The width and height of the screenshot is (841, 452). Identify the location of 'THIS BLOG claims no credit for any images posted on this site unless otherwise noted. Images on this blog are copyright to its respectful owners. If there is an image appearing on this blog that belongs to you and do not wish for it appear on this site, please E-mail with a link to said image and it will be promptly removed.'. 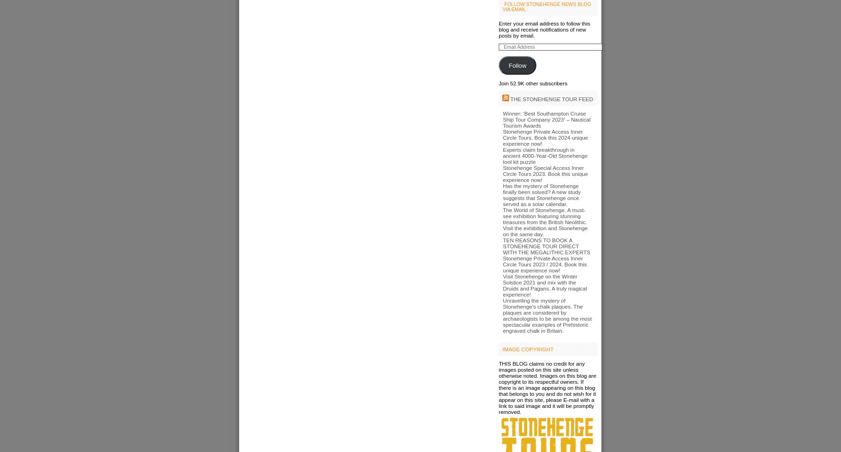
(498, 387).